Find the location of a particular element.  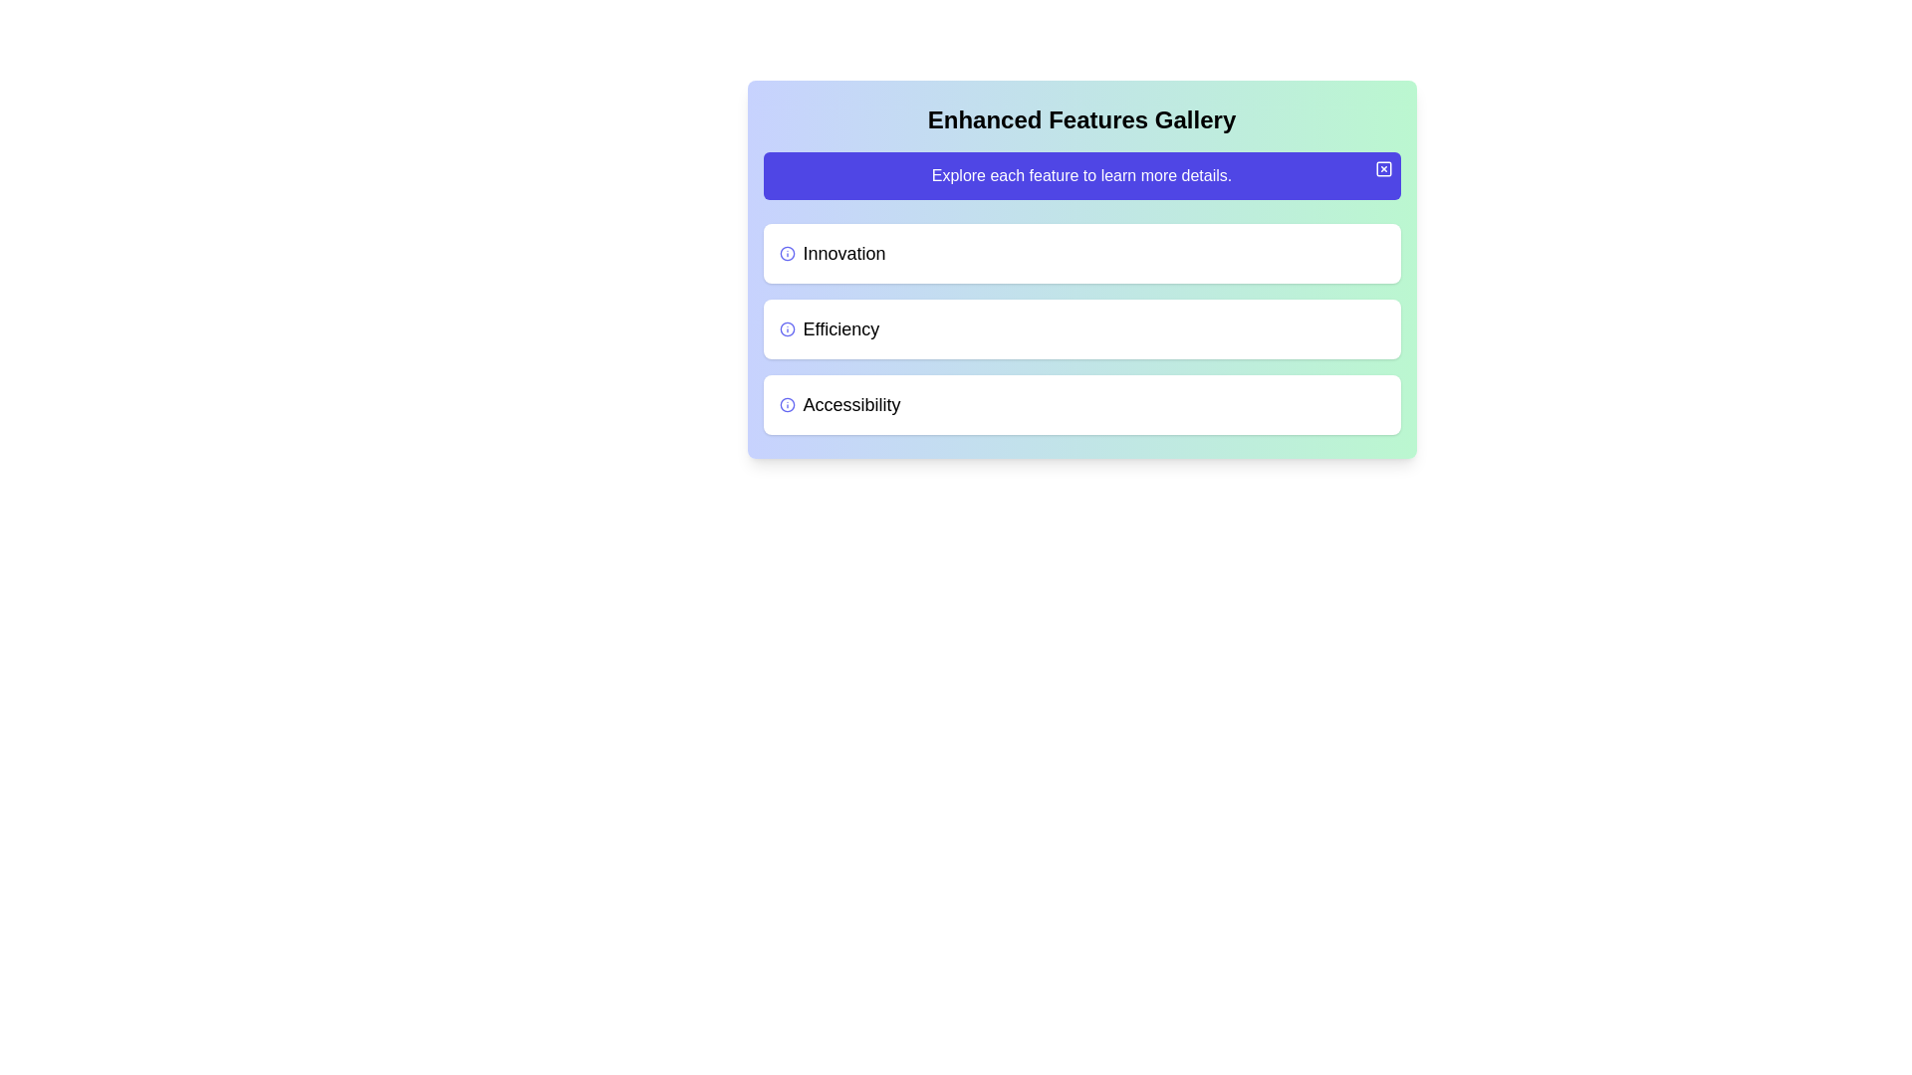

the small close button with an 'X' icon located at the top-right corner of the blue notification box is located at coordinates (1382, 167).